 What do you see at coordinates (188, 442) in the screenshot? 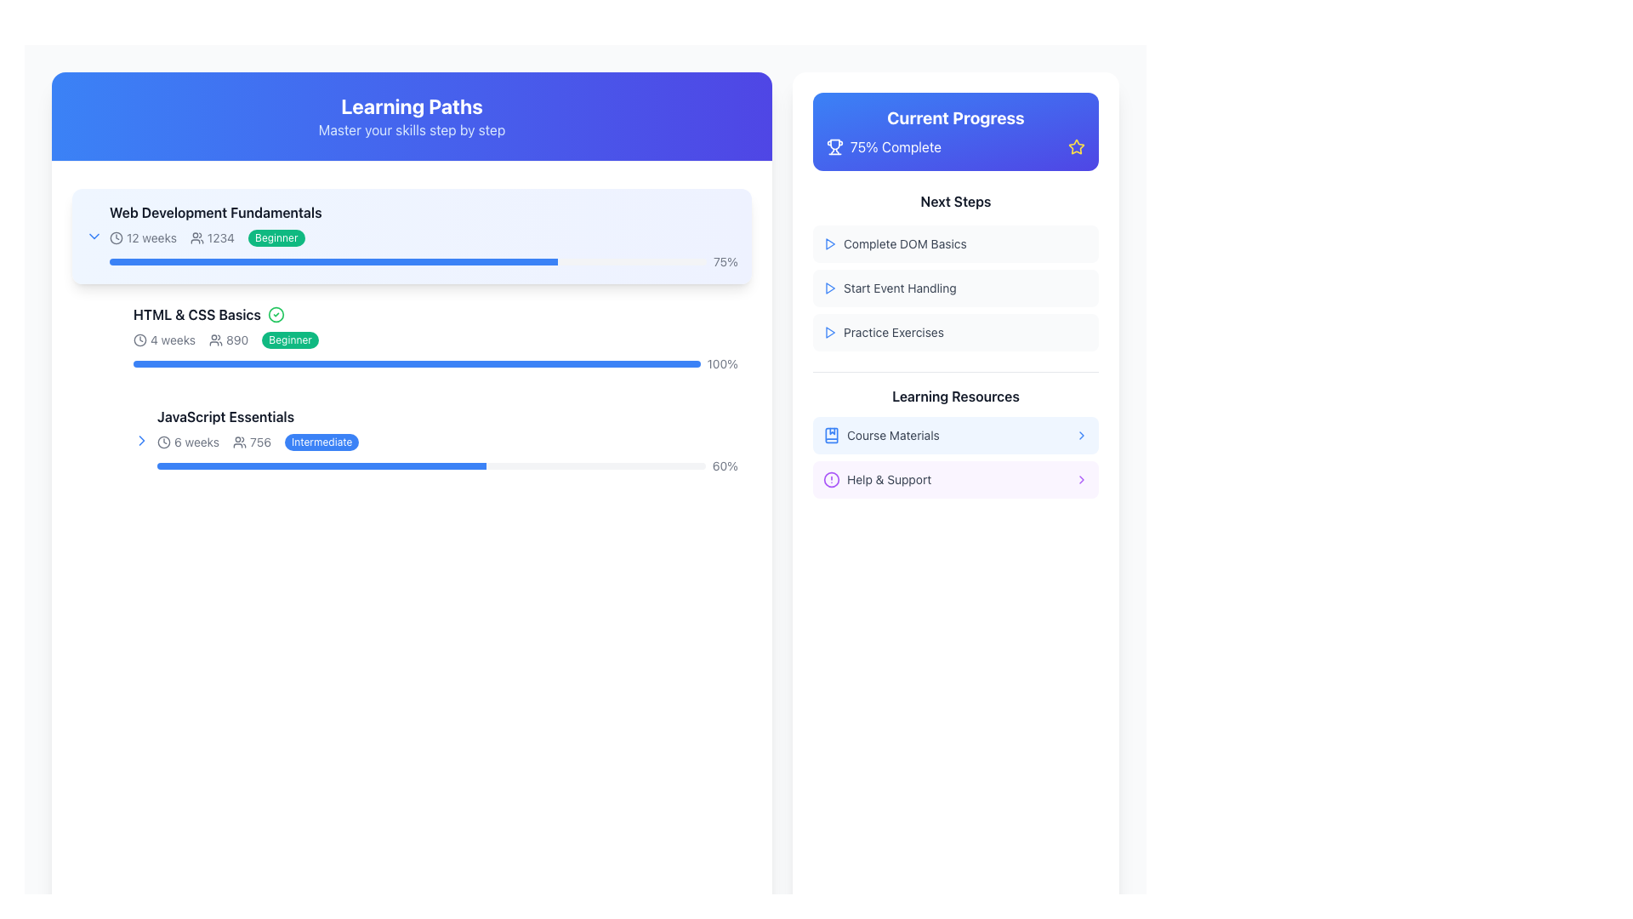
I see `the '6 weeks' text element with a clock icon located in the 'JavaScript Essentials' section of the 'Learning Paths' page, which is adjacent to '756' and left of the 'Intermediate' label` at bounding box center [188, 442].